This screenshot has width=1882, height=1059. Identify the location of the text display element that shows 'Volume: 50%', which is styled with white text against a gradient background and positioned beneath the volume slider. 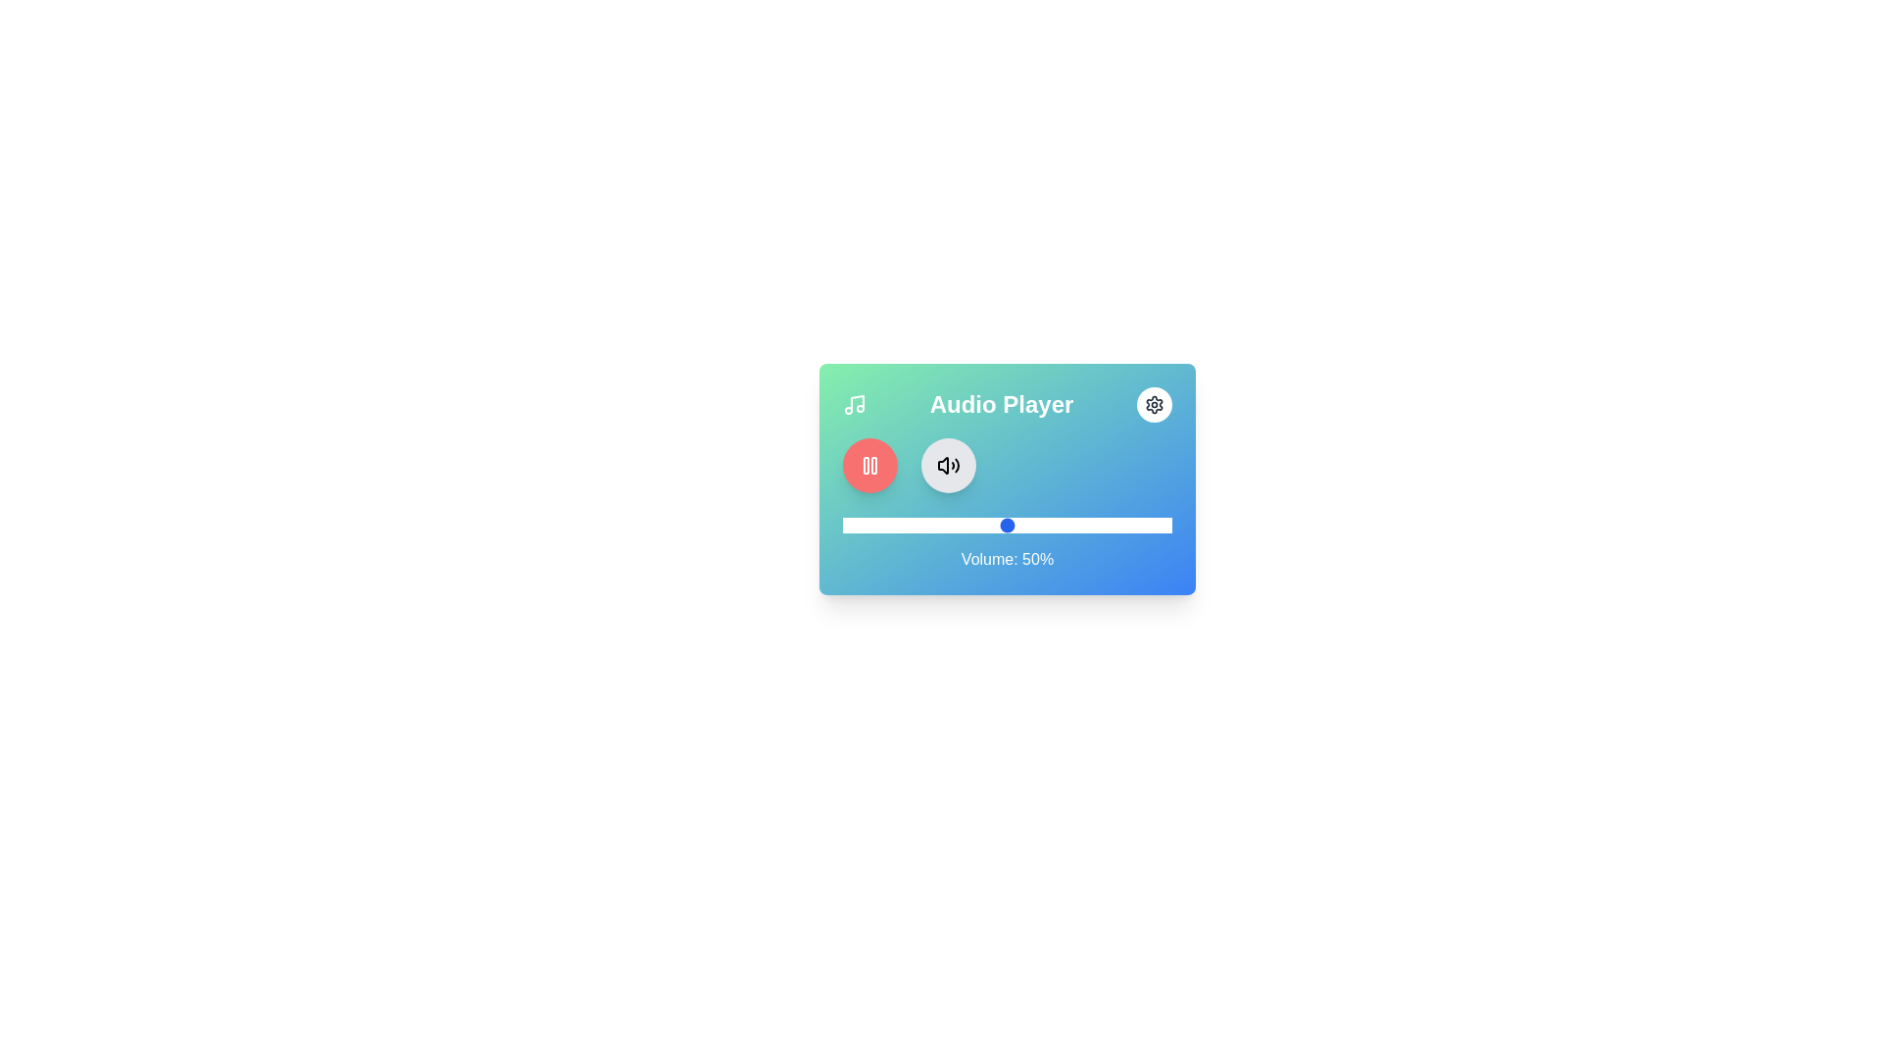
(1007, 559).